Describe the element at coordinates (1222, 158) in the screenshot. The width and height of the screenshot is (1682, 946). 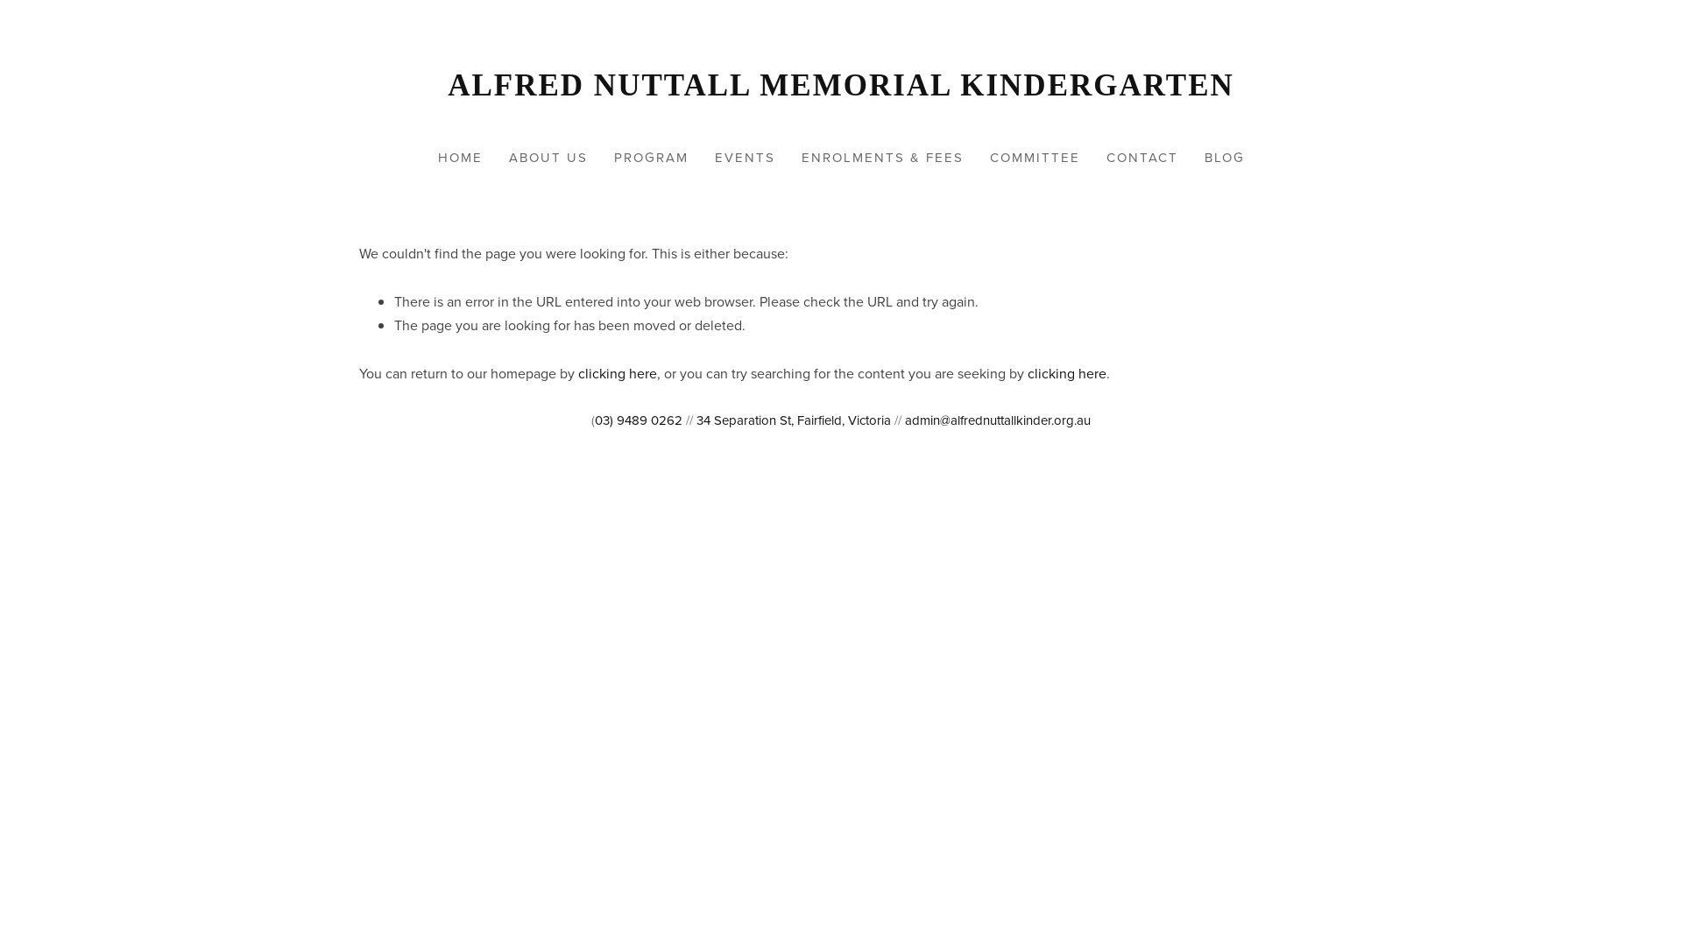
I see `'BLOG'` at that location.